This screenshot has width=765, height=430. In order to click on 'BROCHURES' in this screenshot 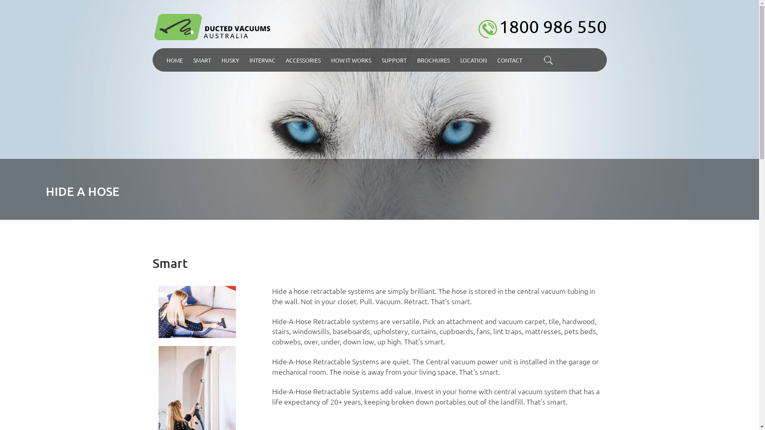, I will do `click(433, 59)`.